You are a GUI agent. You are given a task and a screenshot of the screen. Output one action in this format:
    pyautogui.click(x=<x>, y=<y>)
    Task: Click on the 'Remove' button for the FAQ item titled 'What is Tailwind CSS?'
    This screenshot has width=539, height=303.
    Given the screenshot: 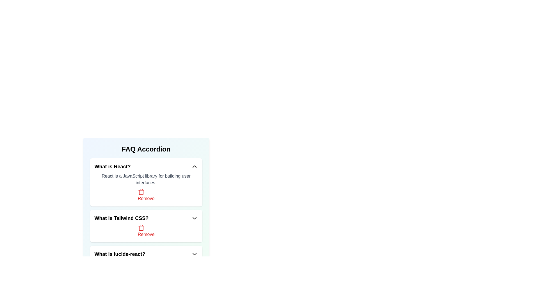 What is the action you would take?
    pyautogui.click(x=146, y=231)
    